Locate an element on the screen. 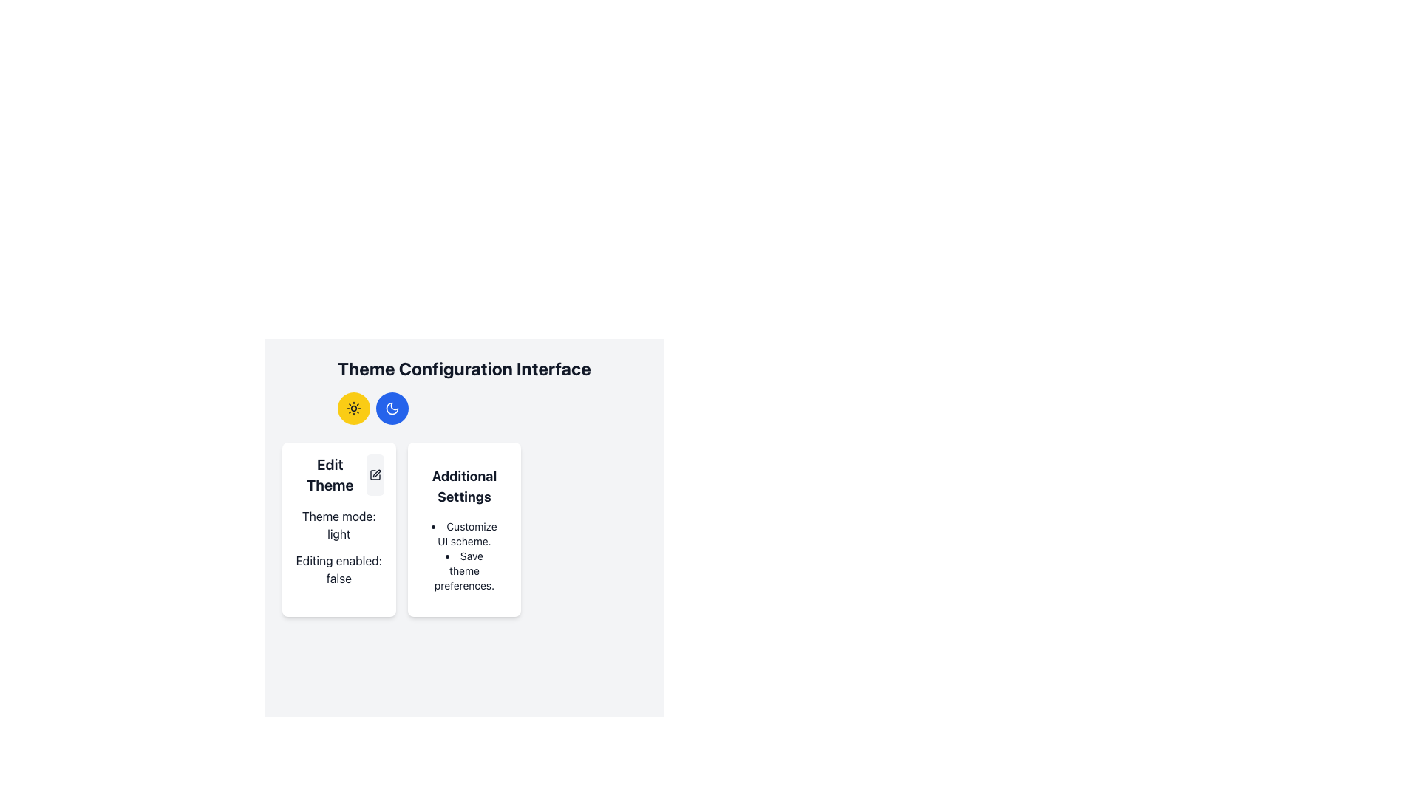 The width and height of the screenshot is (1419, 798). text from the list of configuration options available under the 'Additional Settings' section, which is the second component within the white card titled 'Additional Settings.' is located at coordinates (463, 556).